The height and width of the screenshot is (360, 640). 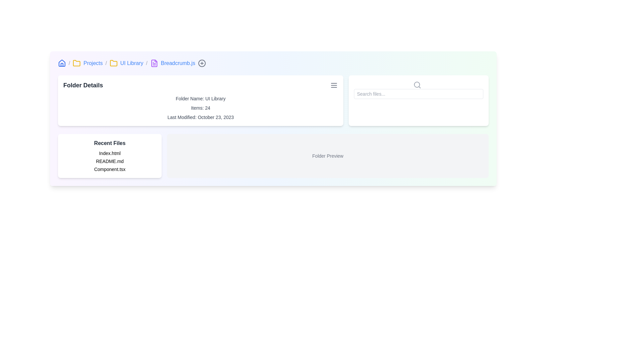 What do you see at coordinates (69, 63) in the screenshot?
I see `the forward slash character ('/') displayed in light gray color, which serves as a separator in the breadcrumb navigation bar between the home icon and the 'Projects' link` at bounding box center [69, 63].